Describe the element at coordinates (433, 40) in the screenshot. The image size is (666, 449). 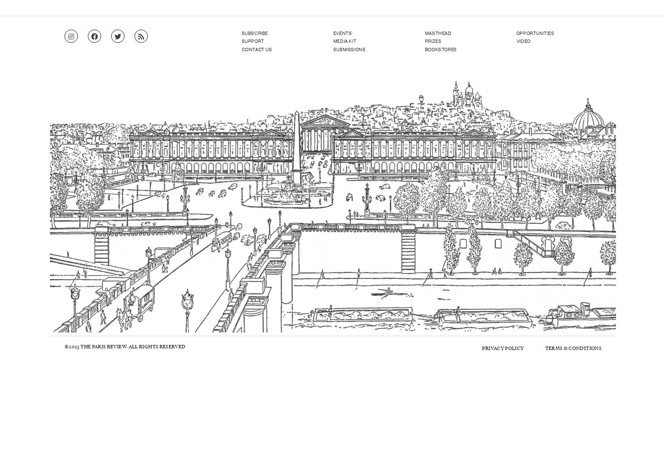
I see `'Prizes'` at that location.